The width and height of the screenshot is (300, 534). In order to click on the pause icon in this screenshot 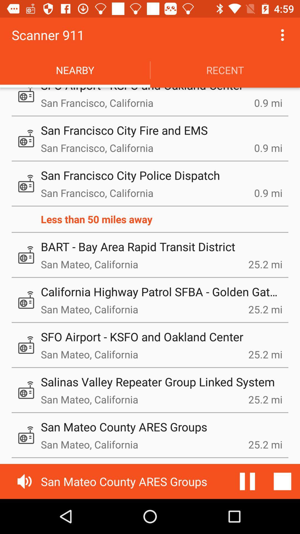, I will do `click(247, 481)`.